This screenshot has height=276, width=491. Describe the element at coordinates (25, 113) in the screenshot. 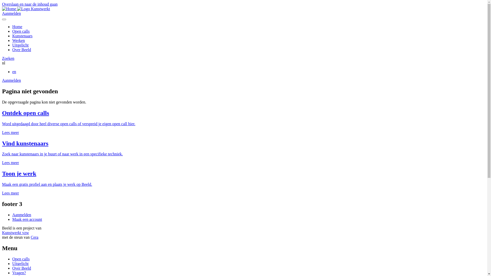

I see `'Ontdek open calls'` at that location.